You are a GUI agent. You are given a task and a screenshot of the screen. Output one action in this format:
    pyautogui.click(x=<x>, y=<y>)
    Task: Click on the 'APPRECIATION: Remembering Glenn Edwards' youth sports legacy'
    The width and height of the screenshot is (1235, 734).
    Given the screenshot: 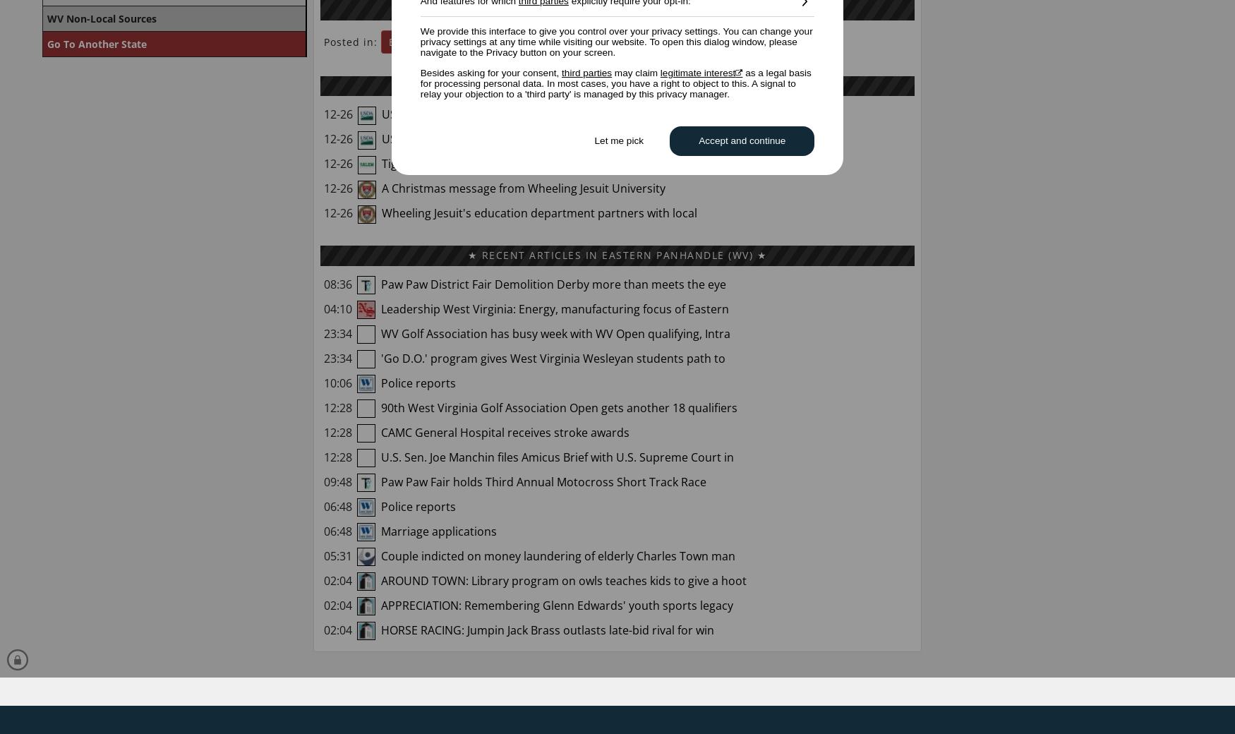 What is the action you would take?
    pyautogui.click(x=554, y=603)
    